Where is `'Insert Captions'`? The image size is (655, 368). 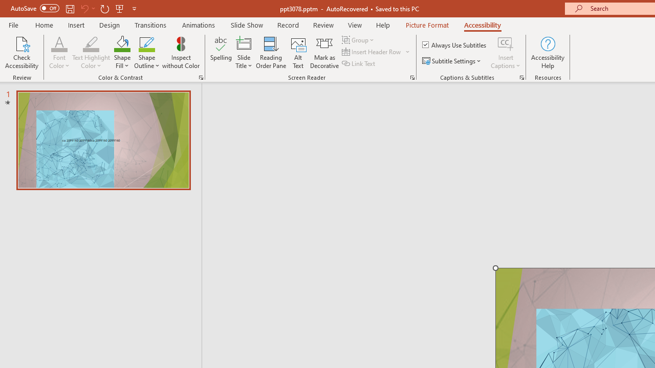 'Insert Captions' is located at coordinates (506, 43).